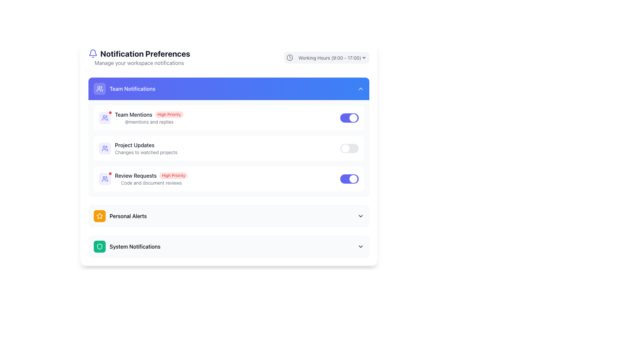 The height and width of the screenshot is (358, 636). What do you see at coordinates (93, 52) in the screenshot?
I see `the blue bell icon representing notifications, located near the top-left corner of the UI, adjacent to the 'Notification Preferences' title` at bounding box center [93, 52].